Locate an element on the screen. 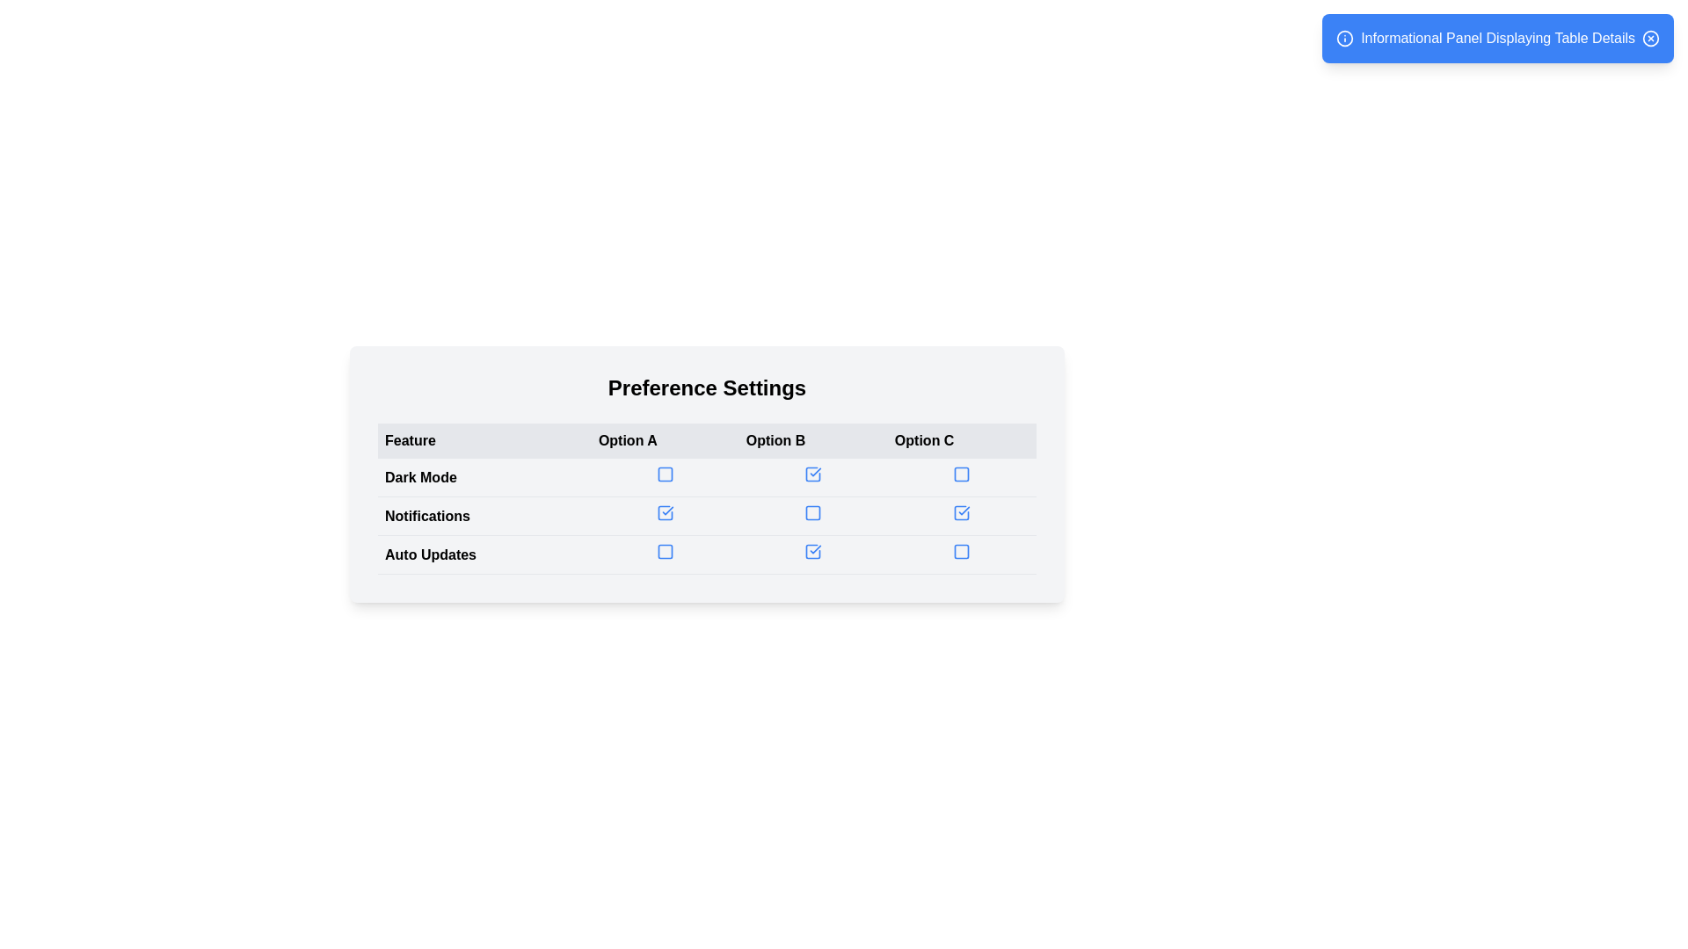 This screenshot has width=1688, height=949. the checkbox that controls the selection state for 'Option B' within the 'Dark Mode' settings is located at coordinates (812, 477).